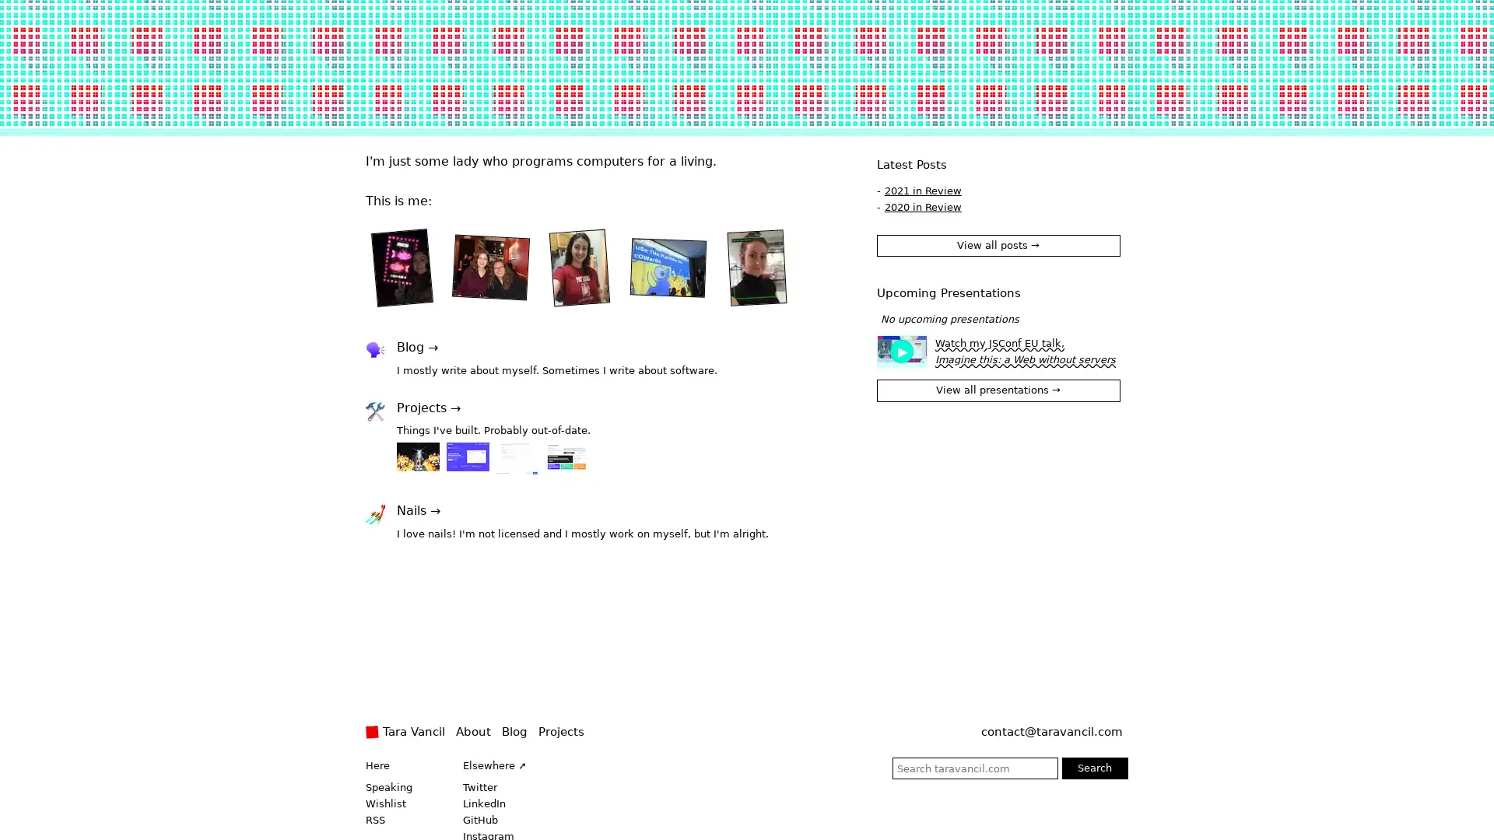  I want to click on Do search, so click(1093, 767).